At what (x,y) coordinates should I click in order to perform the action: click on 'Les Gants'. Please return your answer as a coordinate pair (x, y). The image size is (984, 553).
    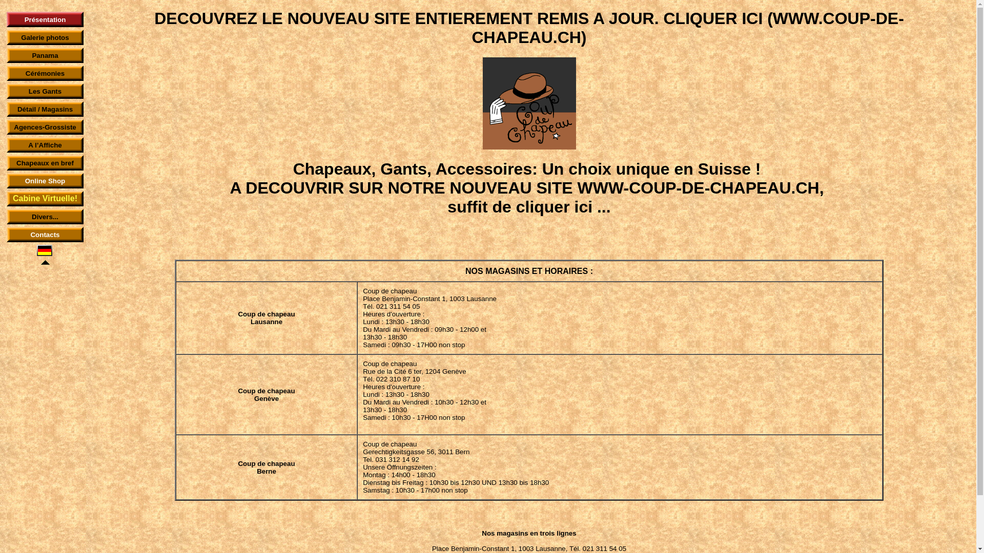
    Looking at the image, I should click on (29, 90).